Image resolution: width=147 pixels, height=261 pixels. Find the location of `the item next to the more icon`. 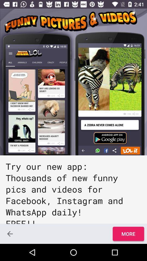

the item next to the more icon is located at coordinates (10, 234).